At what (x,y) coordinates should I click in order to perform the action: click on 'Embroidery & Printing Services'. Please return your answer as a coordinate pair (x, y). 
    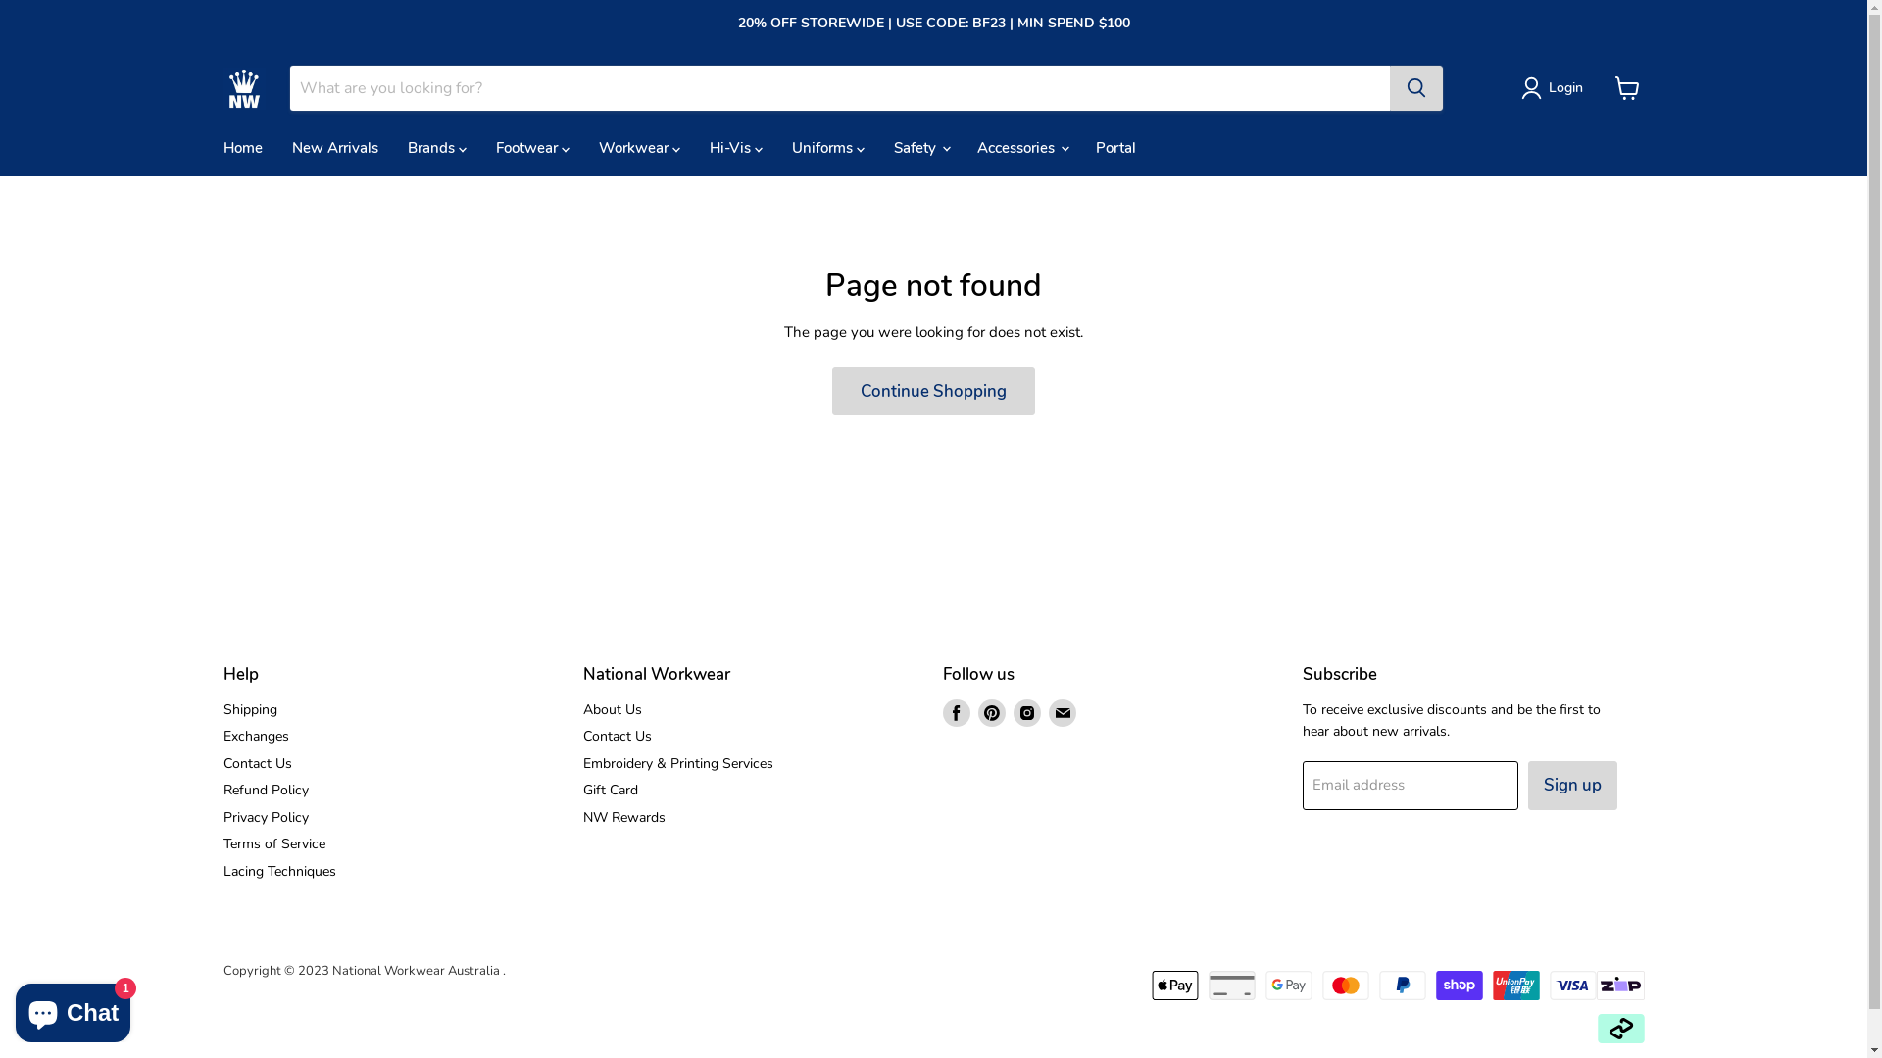
    Looking at the image, I should click on (677, 762).